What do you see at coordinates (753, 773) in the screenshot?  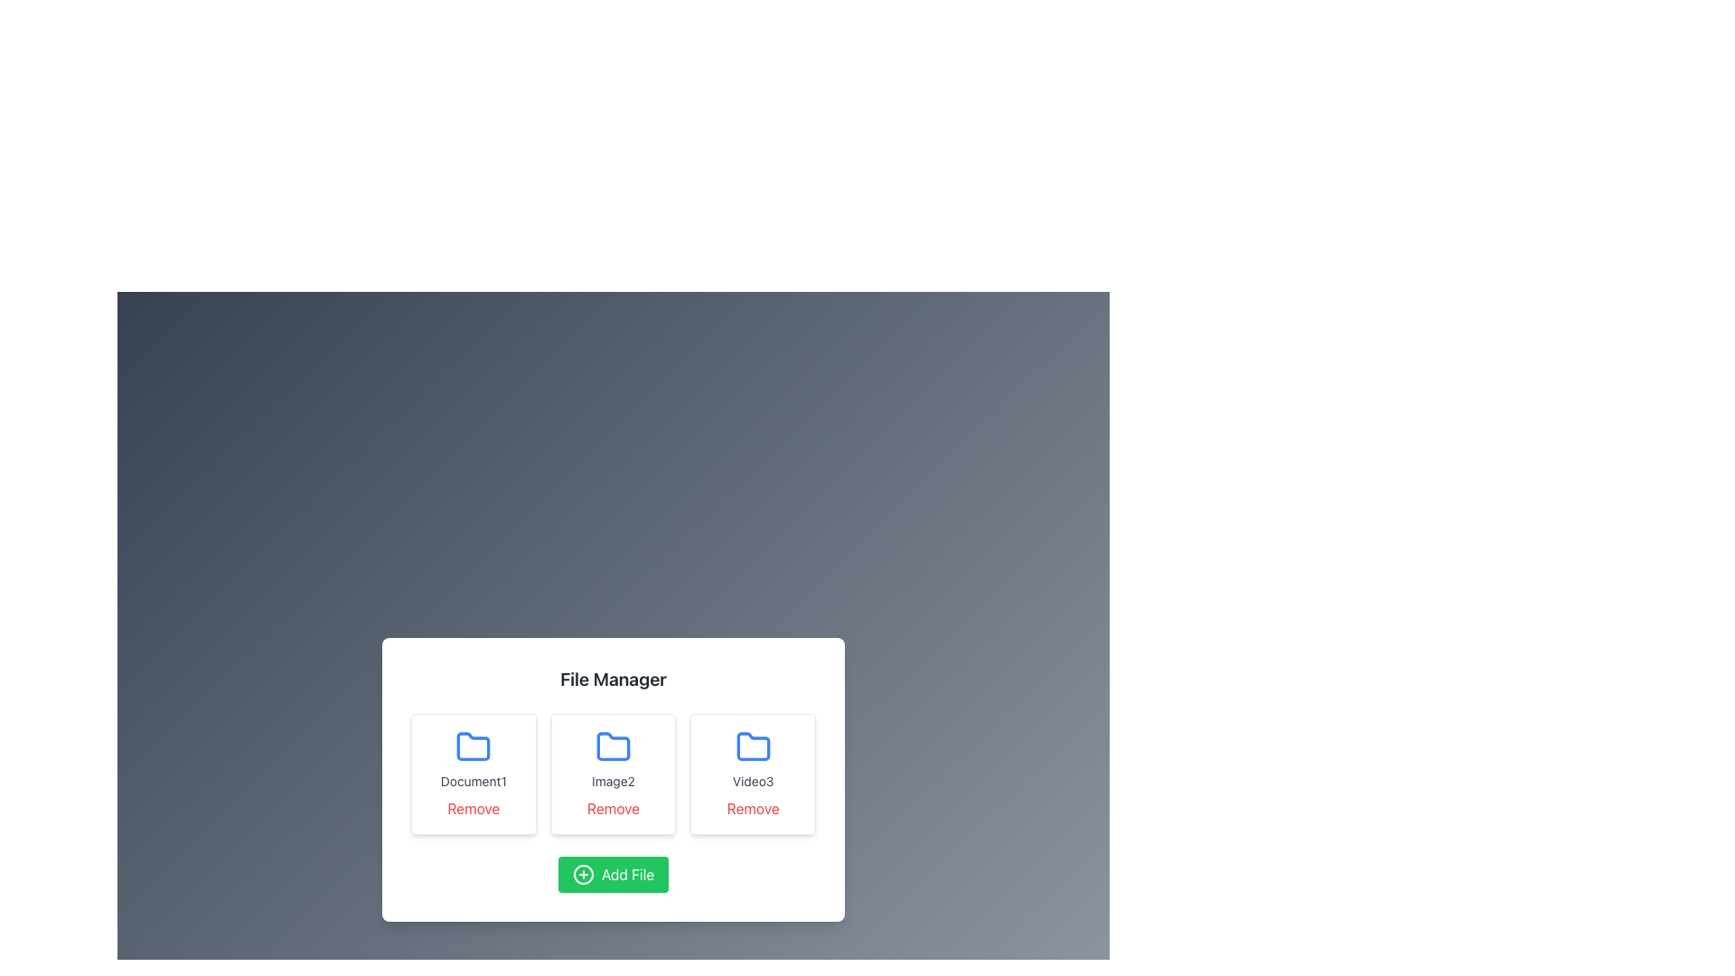 I see `the third card` at bounding box center [753, 773].